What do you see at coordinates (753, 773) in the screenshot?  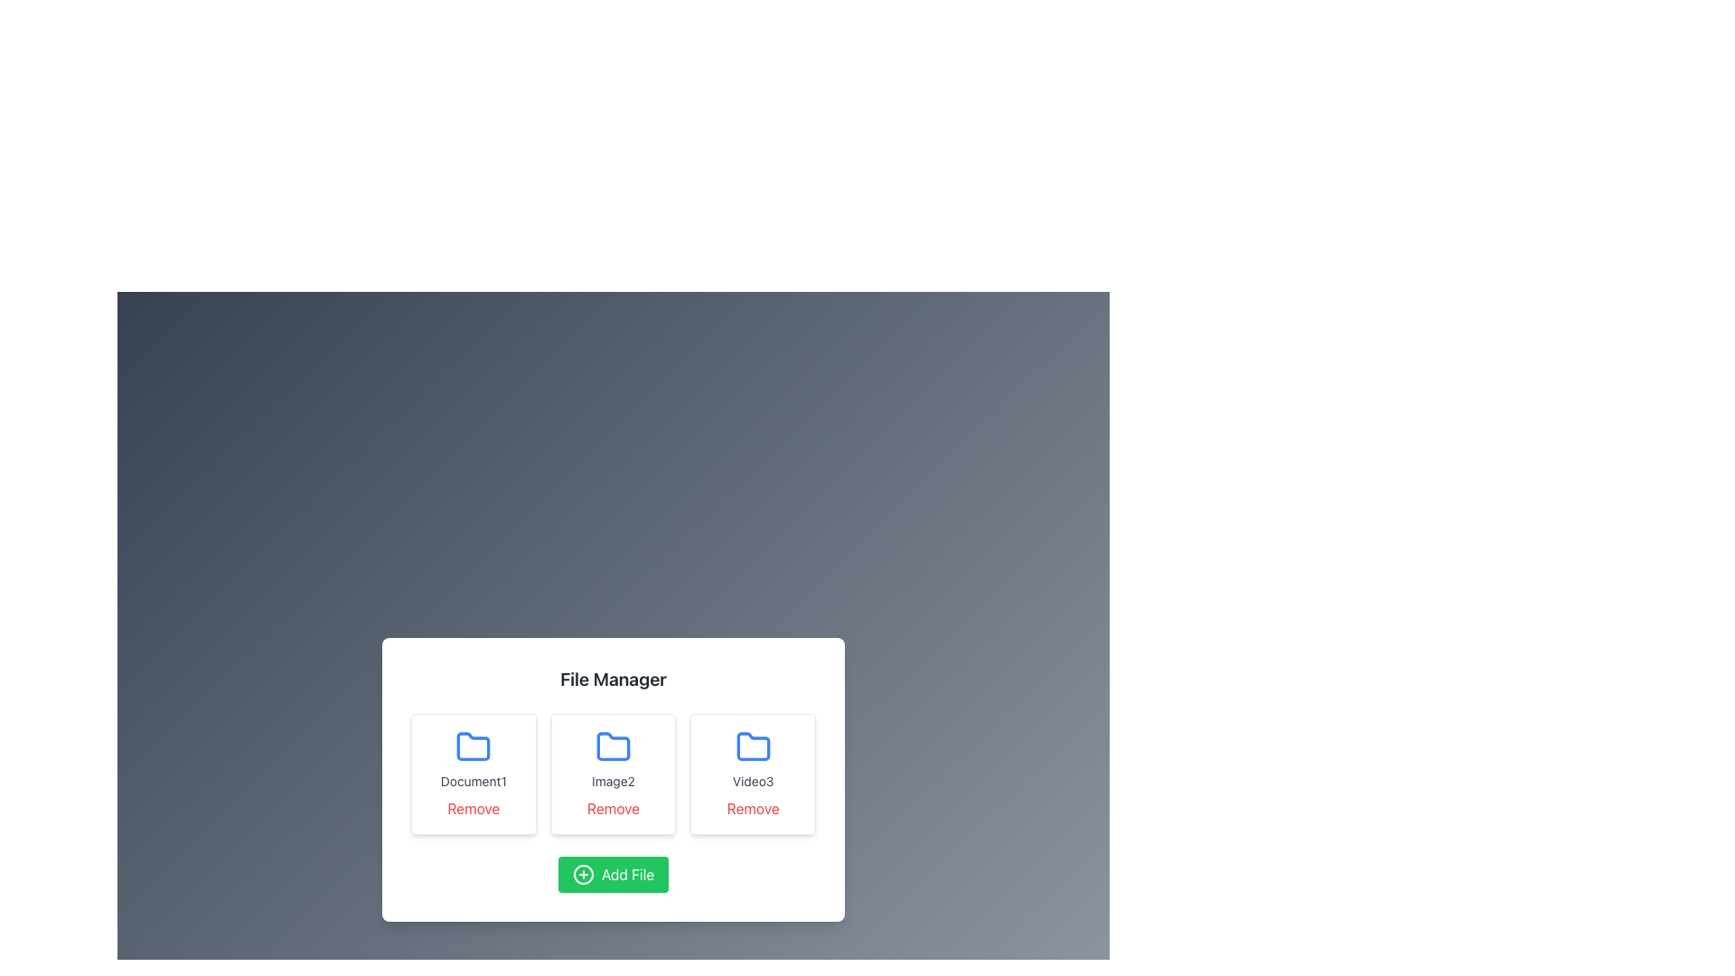 I see `the third card` at bounding box center [753, 773].